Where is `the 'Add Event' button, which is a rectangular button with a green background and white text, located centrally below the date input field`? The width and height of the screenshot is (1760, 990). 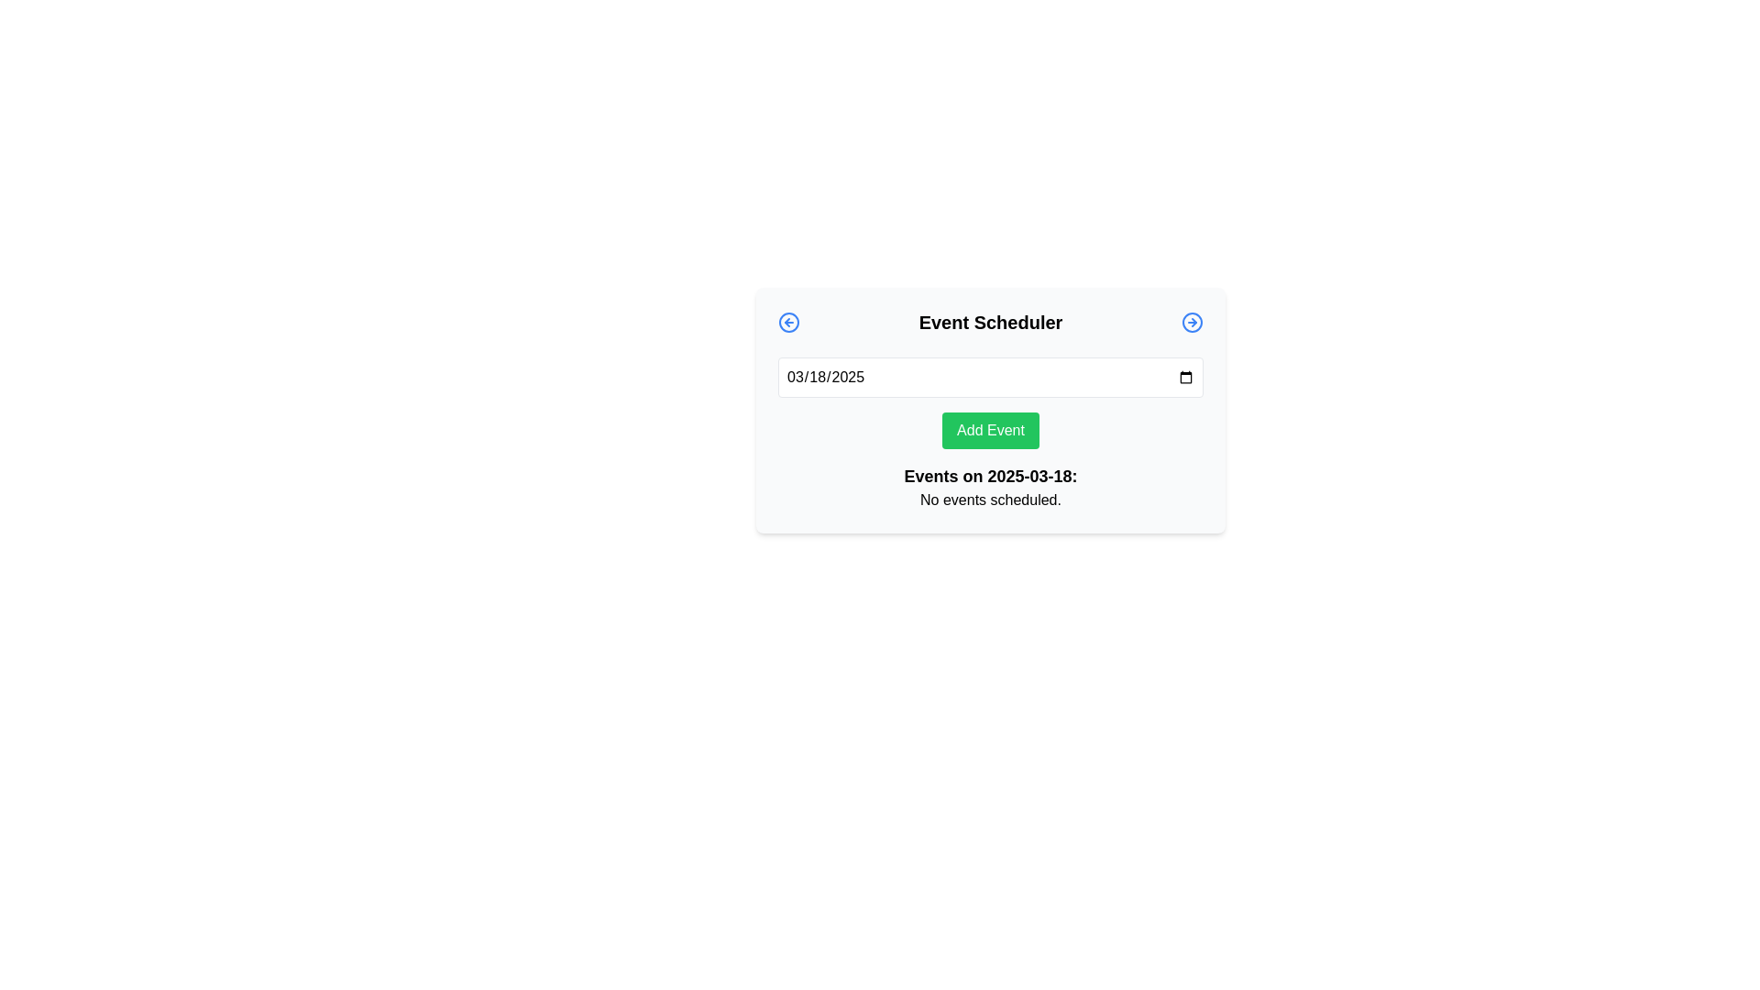
the 'Add Event' button, which is a rectangular button with a green background and white text, located centrally below the date input field is located at coordinates (989, 431).